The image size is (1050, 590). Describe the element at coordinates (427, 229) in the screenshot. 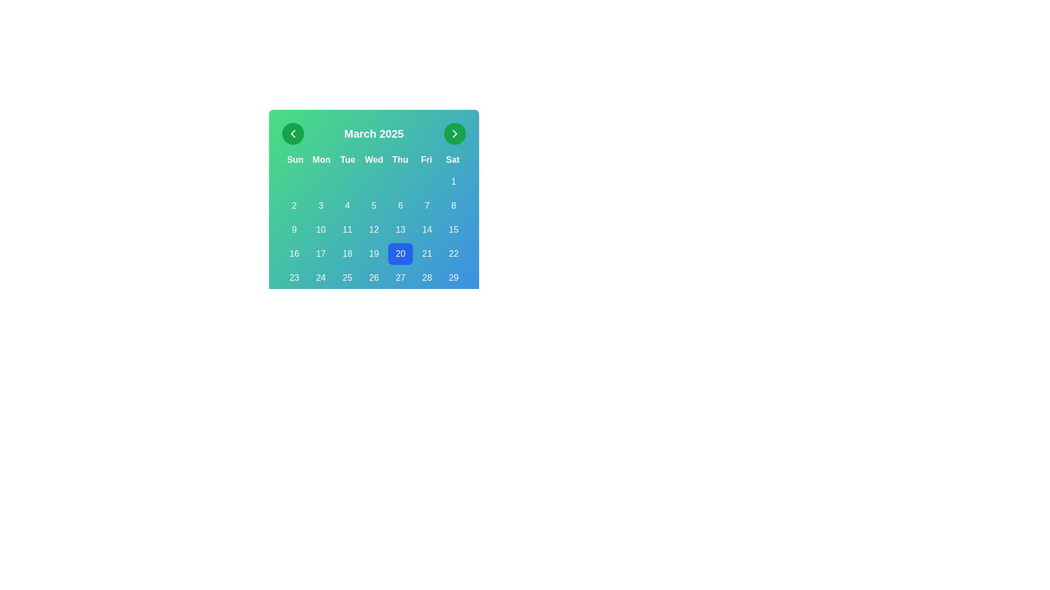

I see `the selectable calendar day button for the 14th of the month, located in the third week row and sixth column of the date picker interface` at that location.